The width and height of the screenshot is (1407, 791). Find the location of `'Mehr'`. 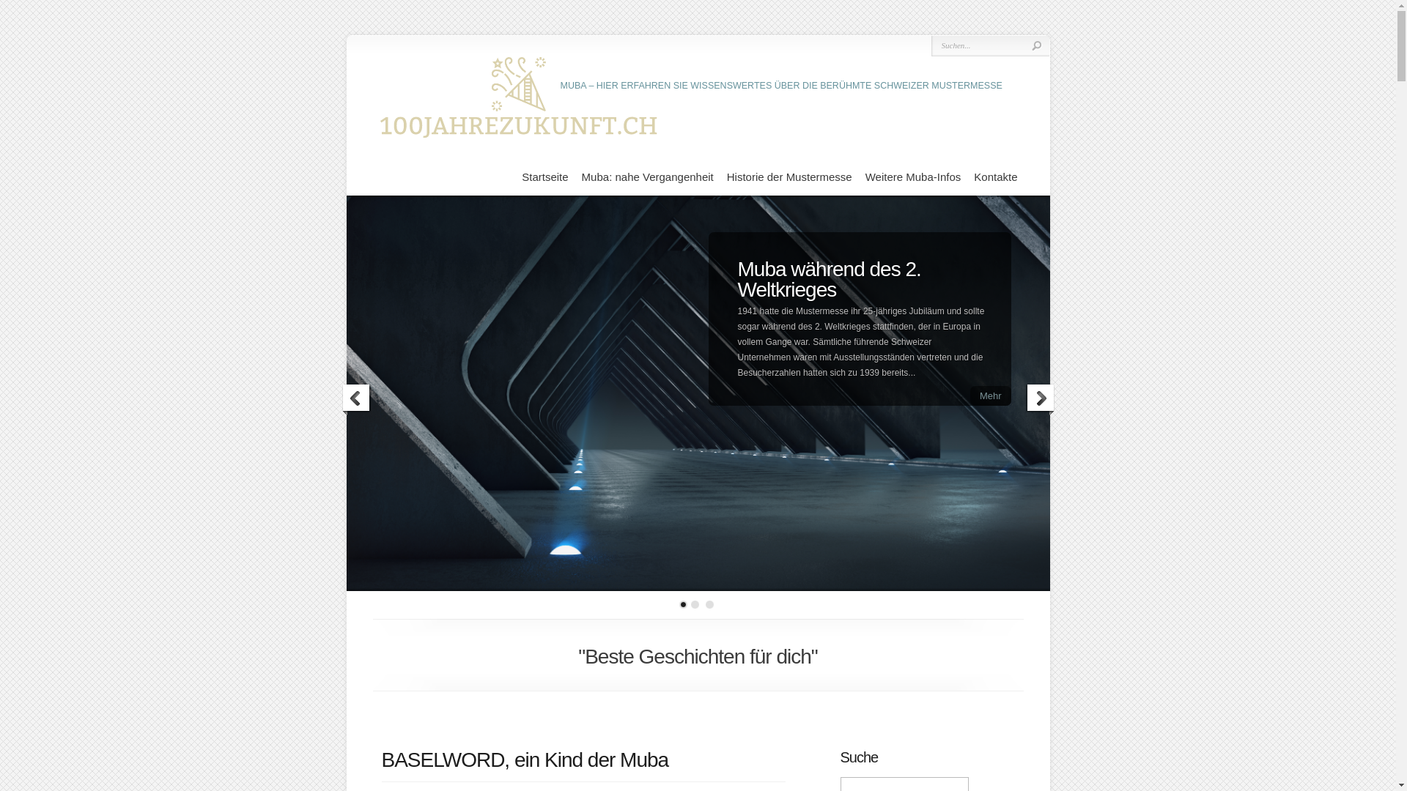

'Mehr' is located at coordinates (991, 395).